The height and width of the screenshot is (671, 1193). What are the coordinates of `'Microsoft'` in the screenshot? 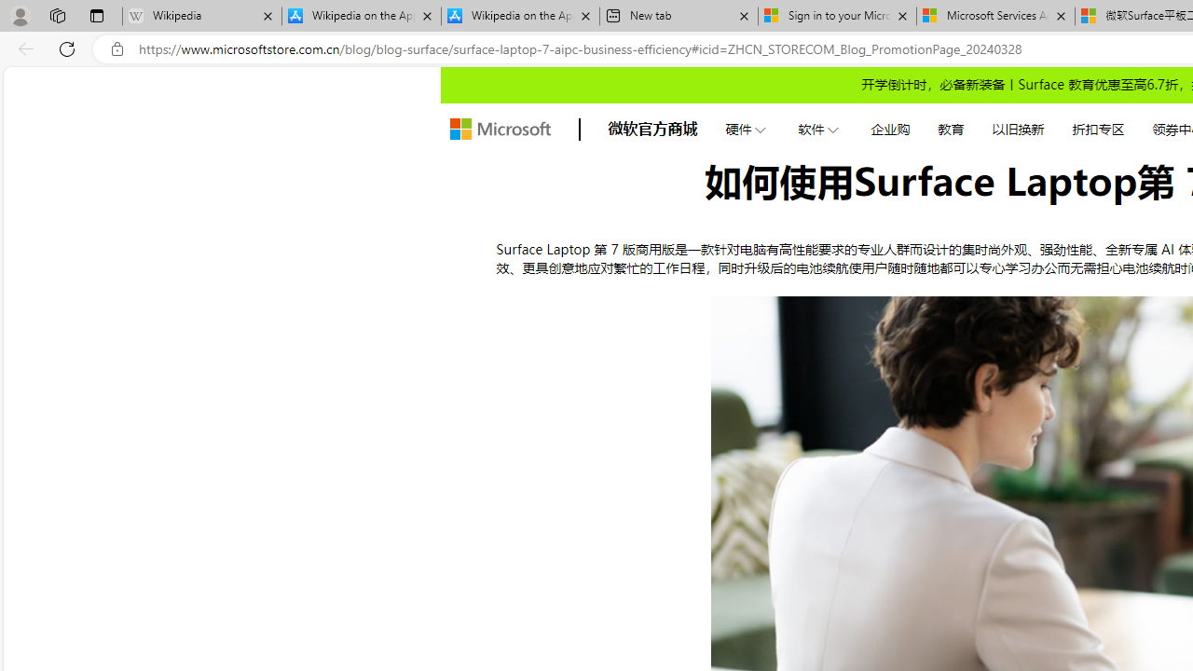 It's located at (500, 128).